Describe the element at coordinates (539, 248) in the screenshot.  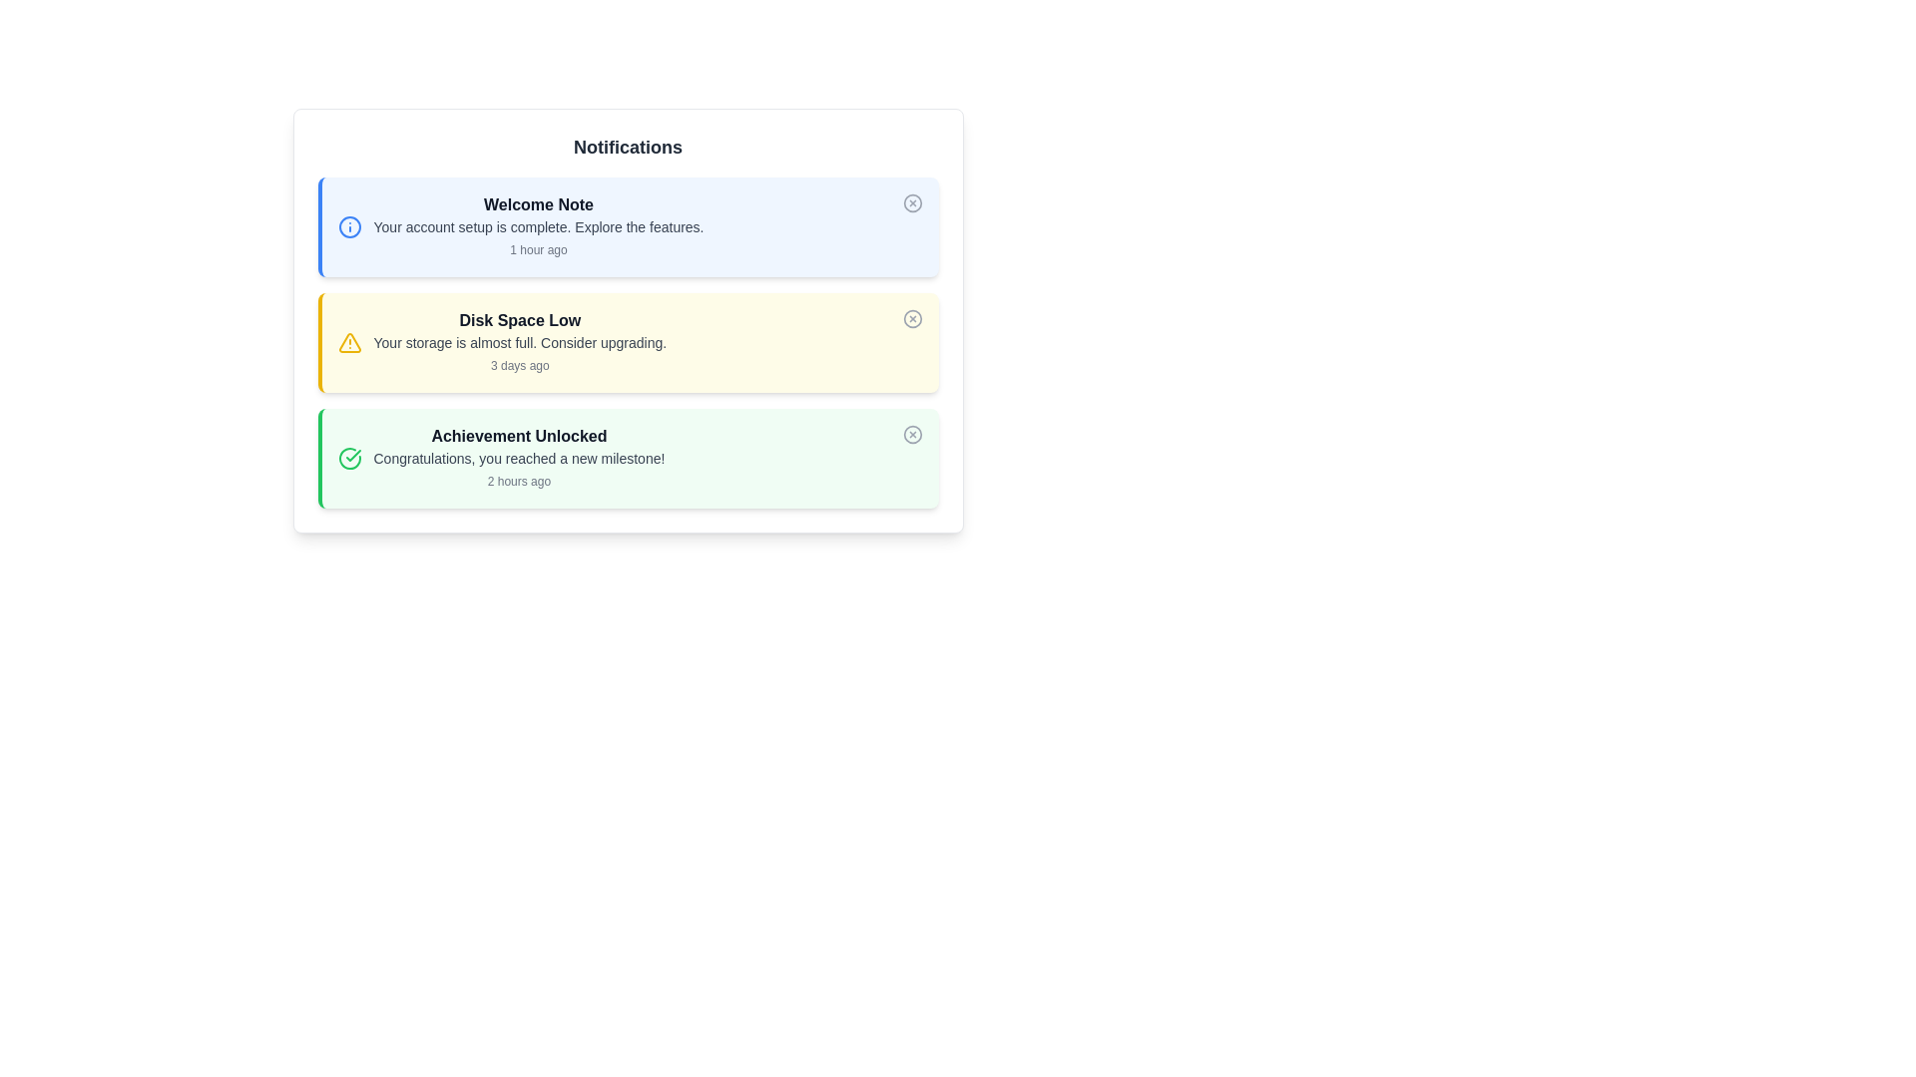
I see `the timestamp text label displaying '1 hour ago', which is located below the description 'Your account setup is complete.' in the notification card titled 'Welcome Note'` at that location.